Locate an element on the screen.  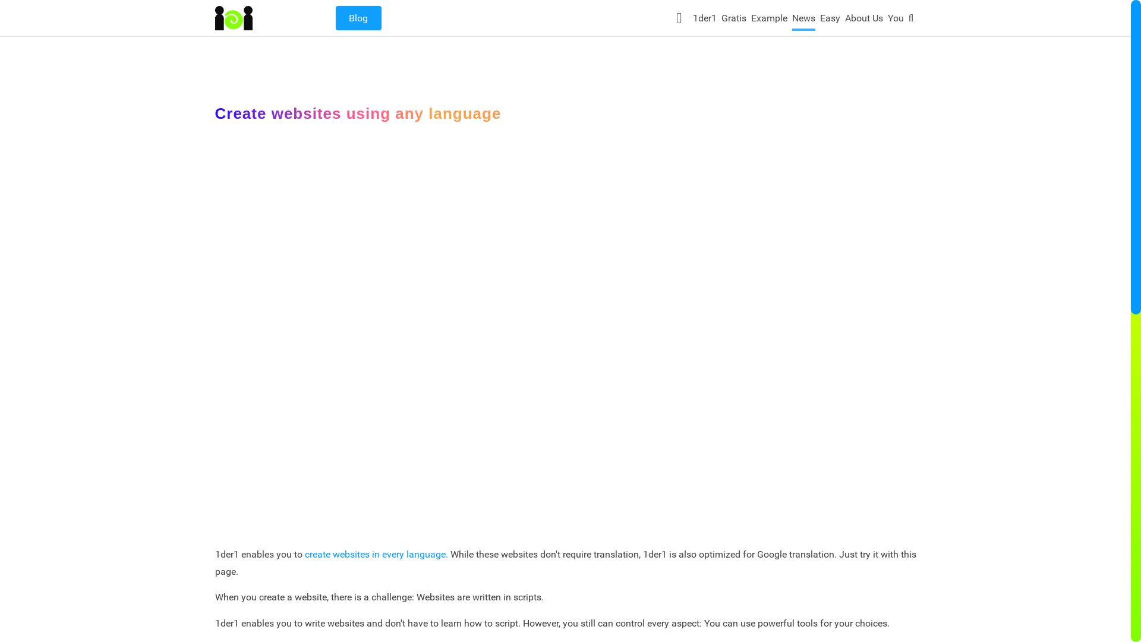
''wonder-one'' is located at coordinates (234, 18).